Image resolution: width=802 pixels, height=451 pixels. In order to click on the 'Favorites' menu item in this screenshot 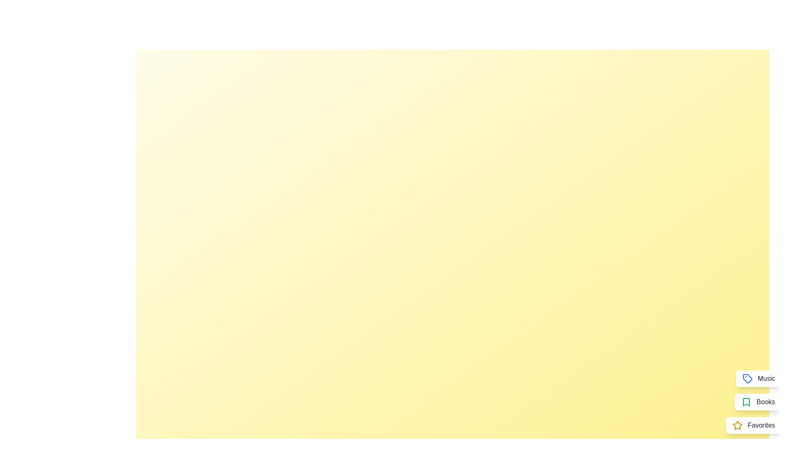, I will do `click(754, 425)`.